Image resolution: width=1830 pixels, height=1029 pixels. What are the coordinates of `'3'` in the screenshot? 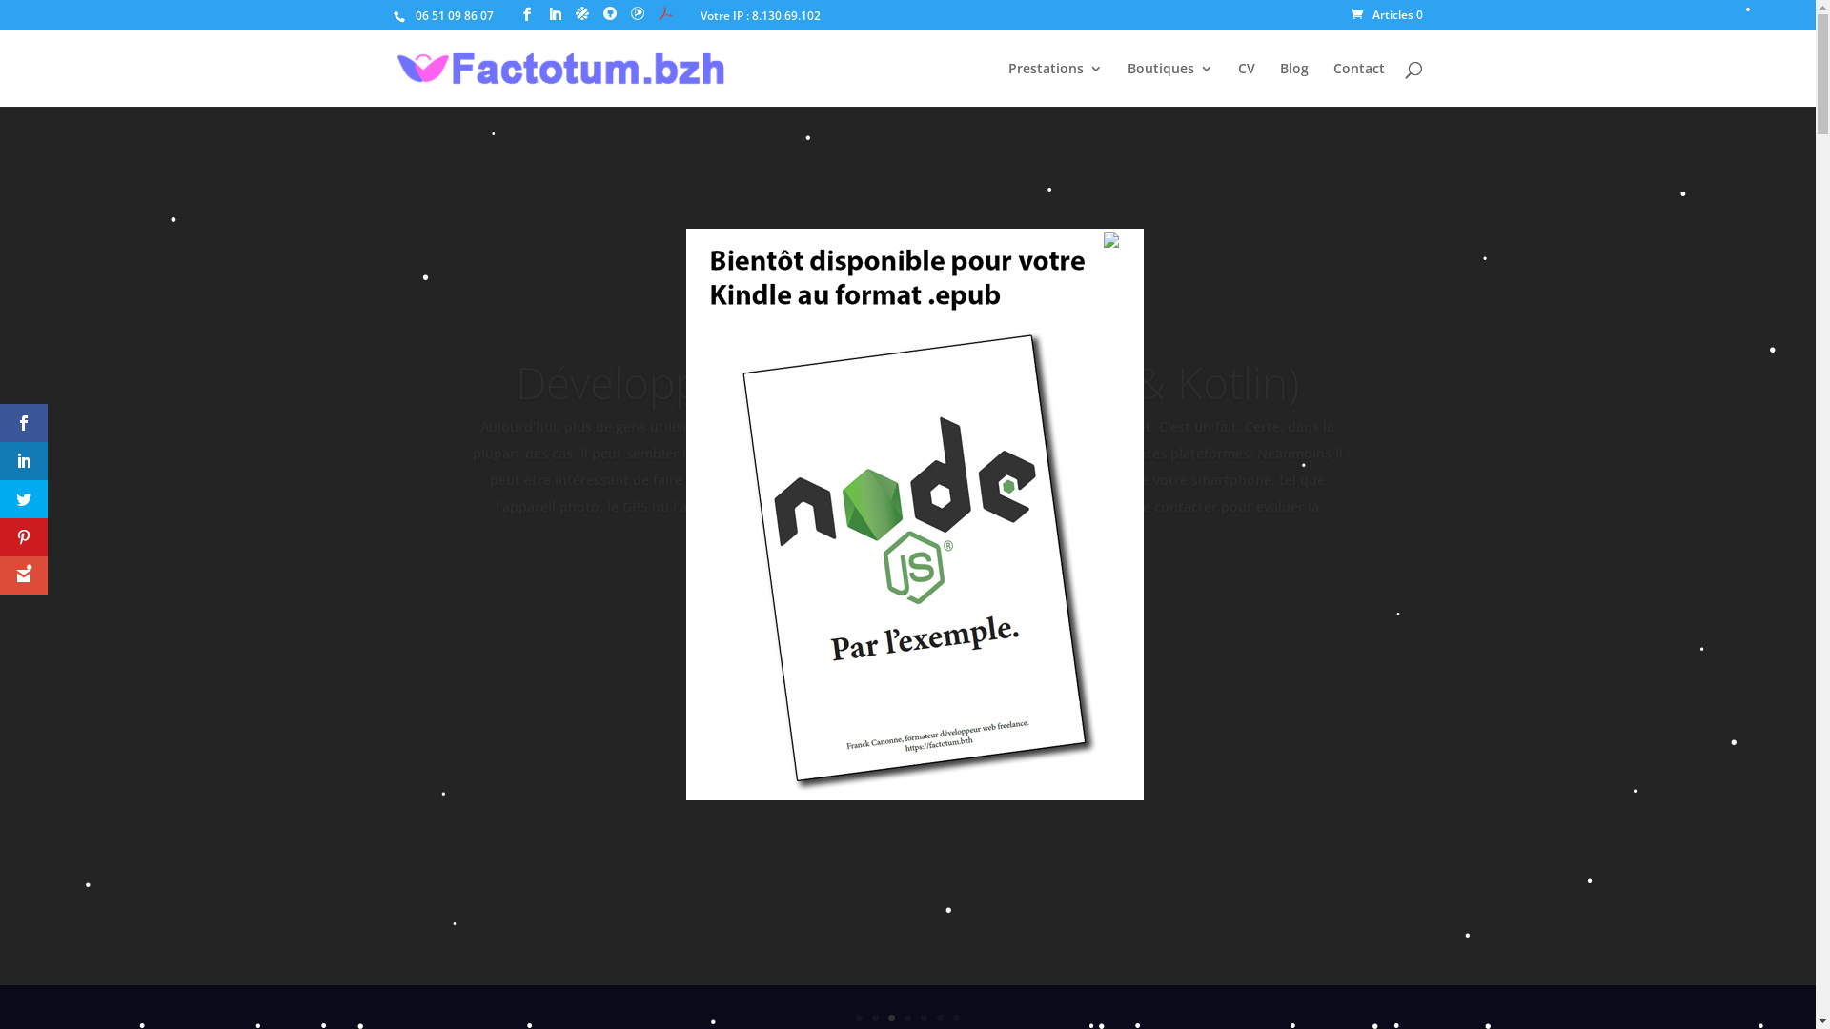 It's located at (890, 1017).